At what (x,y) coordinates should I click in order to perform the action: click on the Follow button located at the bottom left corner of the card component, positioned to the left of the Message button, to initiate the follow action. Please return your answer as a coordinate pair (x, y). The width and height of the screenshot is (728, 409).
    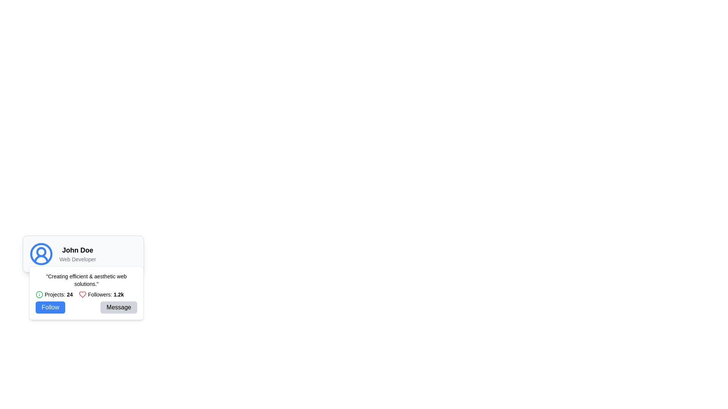
    Looking at the image, I should click on (50, 308).